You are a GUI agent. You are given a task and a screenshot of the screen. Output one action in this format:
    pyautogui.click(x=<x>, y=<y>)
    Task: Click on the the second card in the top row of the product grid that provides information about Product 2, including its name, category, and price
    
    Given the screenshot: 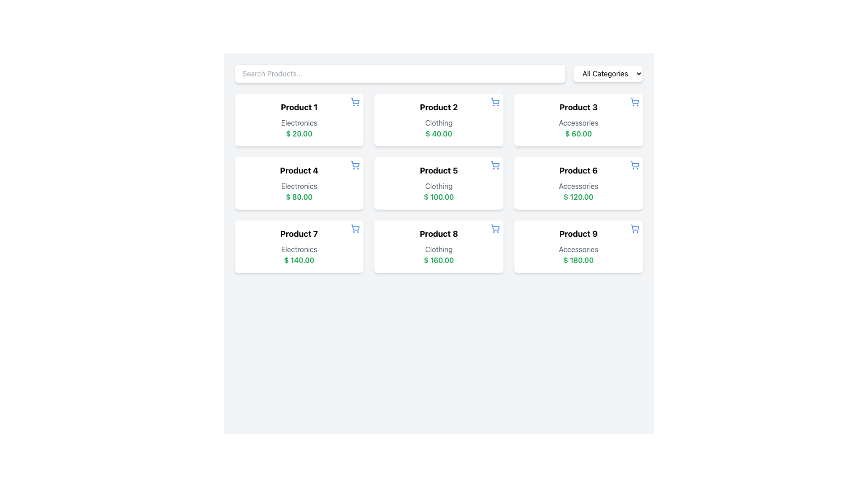 What is the action you would take?
    pyautogui.click(x=438, y=120)
    